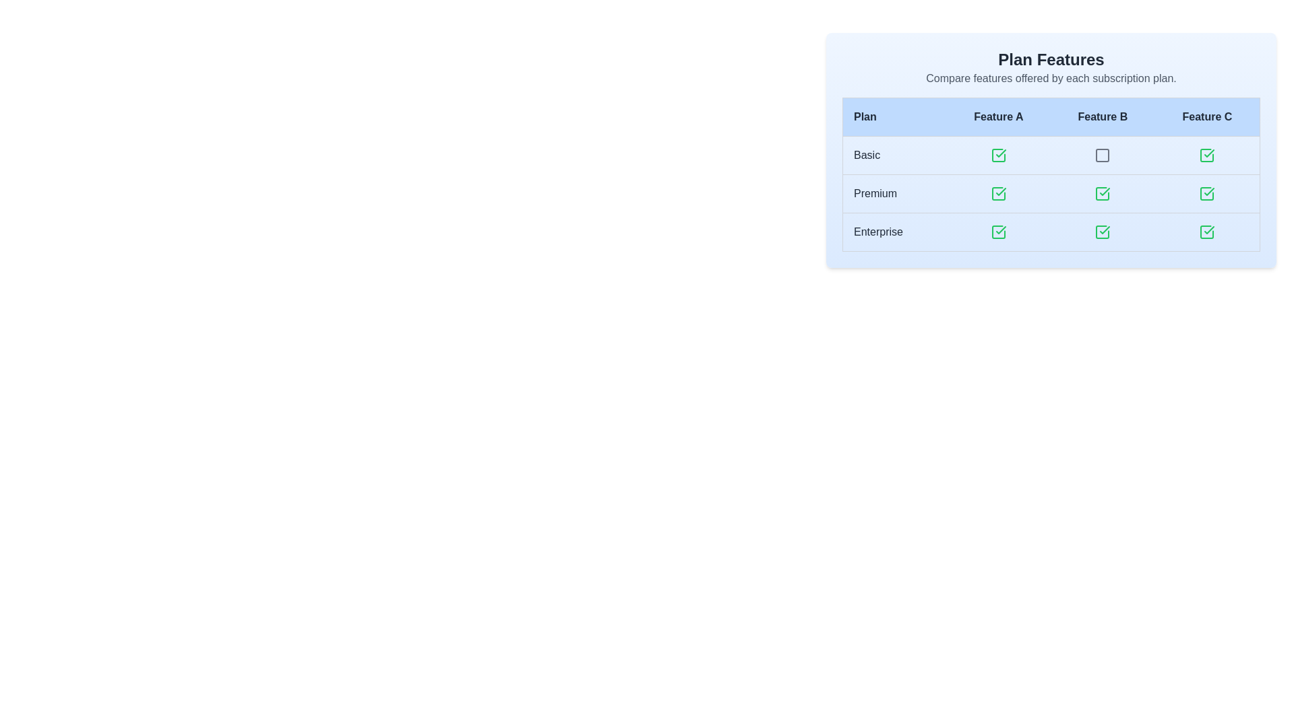  What do you see at coordinates (1103, 194) in the screenshot?
I see `the checkbox icon in the 'Plan Features' interface` at bounding box center [1103, 194].